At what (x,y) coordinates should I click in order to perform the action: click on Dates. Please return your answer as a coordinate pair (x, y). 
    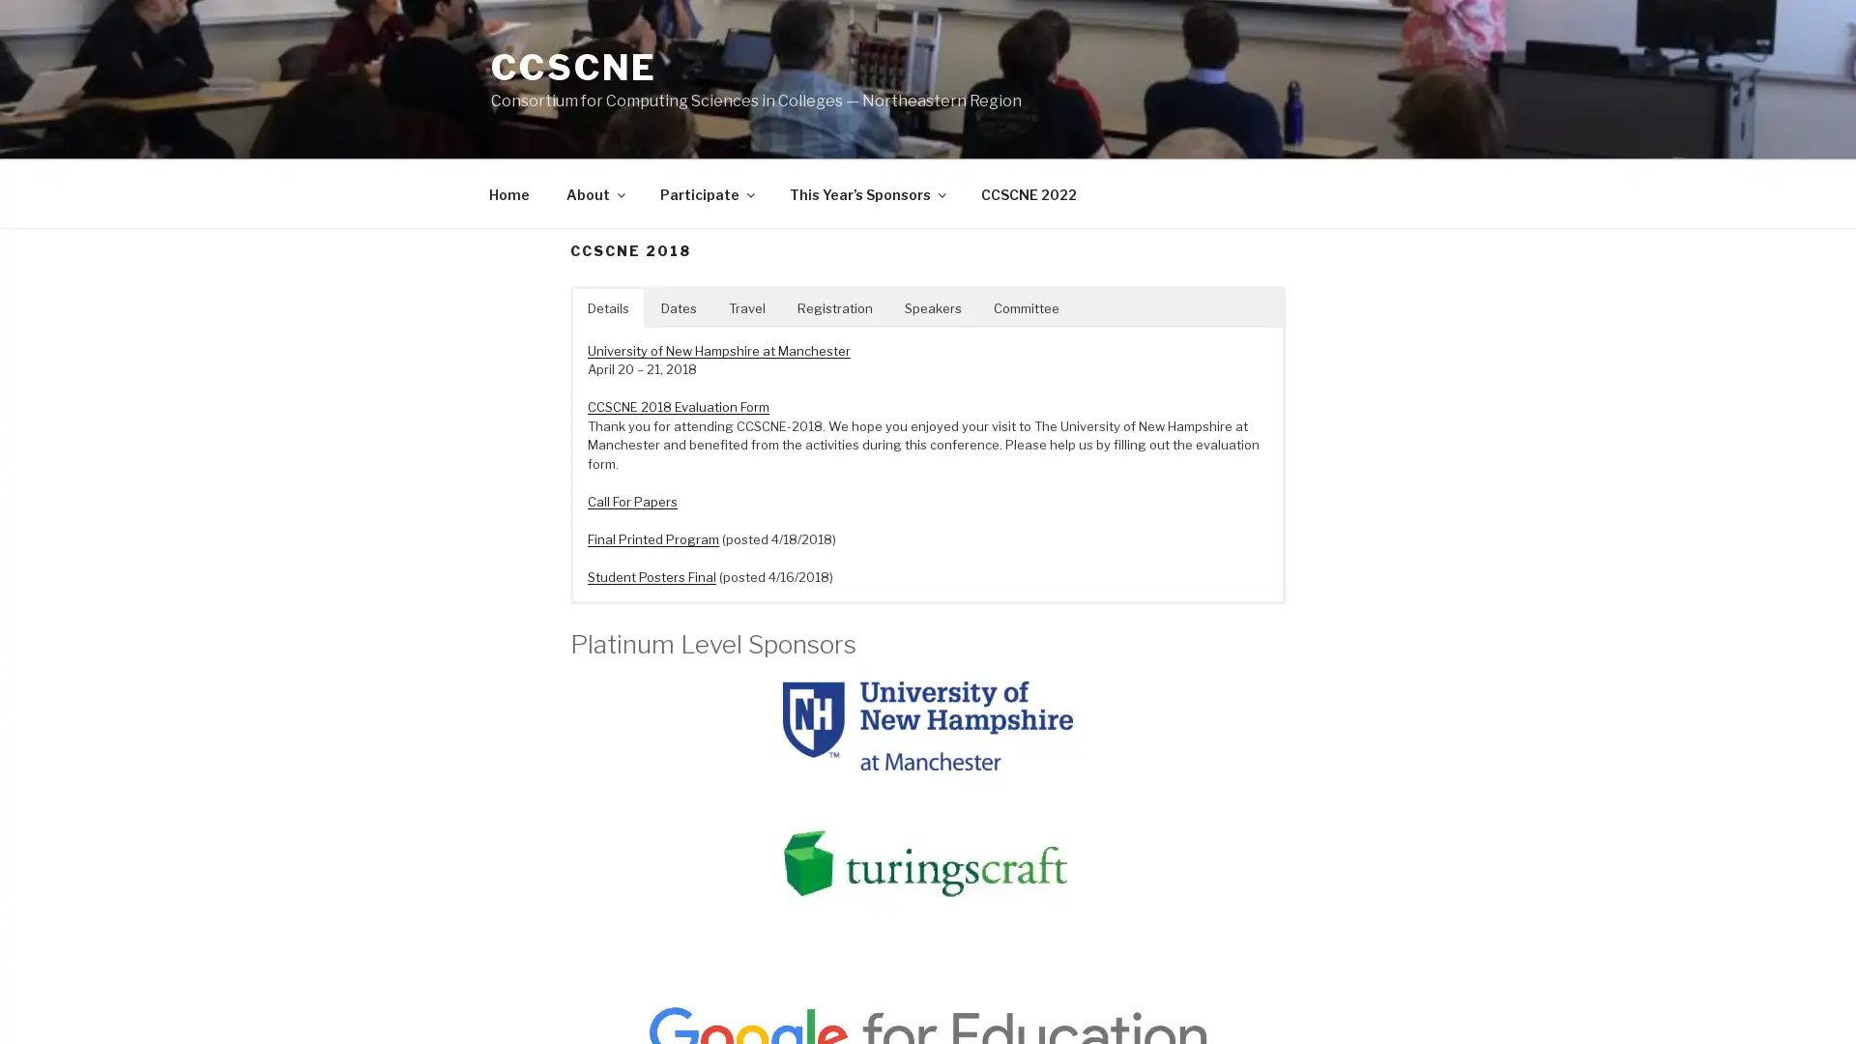
    Looking at the image, I should click on (679, 305).